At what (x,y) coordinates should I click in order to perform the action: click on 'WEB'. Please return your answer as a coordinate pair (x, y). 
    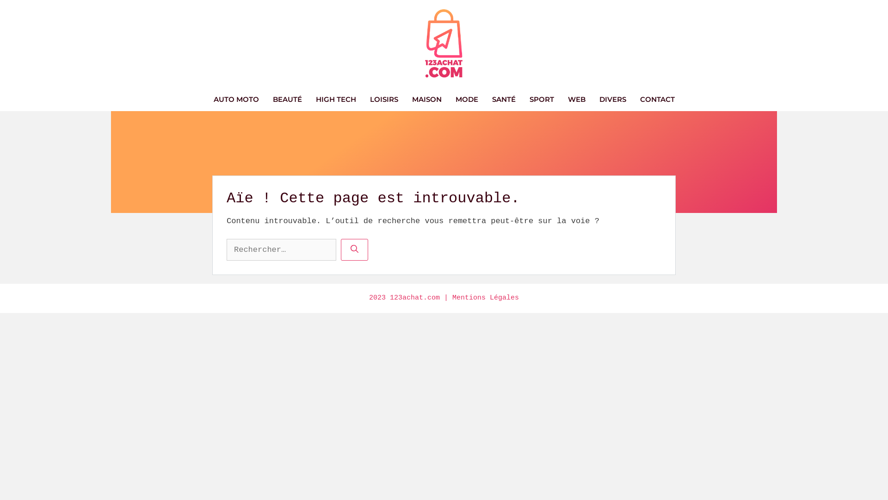
    Looking at the image, I should click on (576, 100).